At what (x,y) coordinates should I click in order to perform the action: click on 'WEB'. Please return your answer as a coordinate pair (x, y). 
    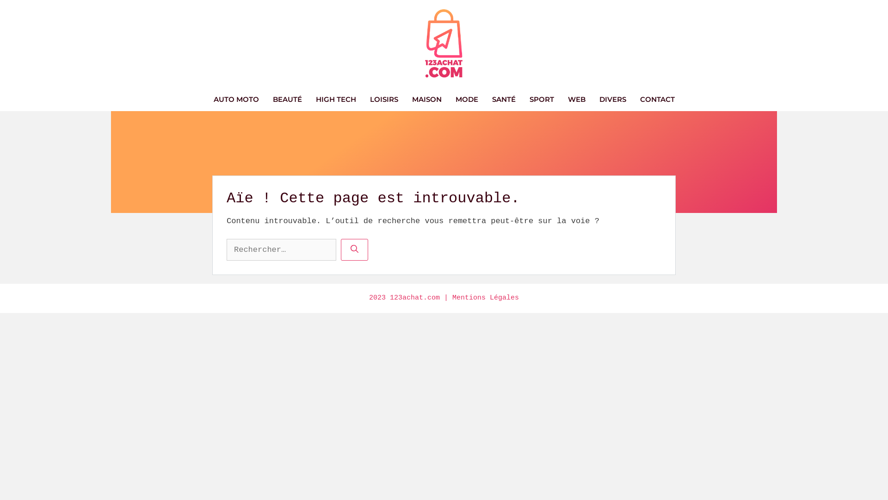
    Looking at the image, I should click on (576, 100).